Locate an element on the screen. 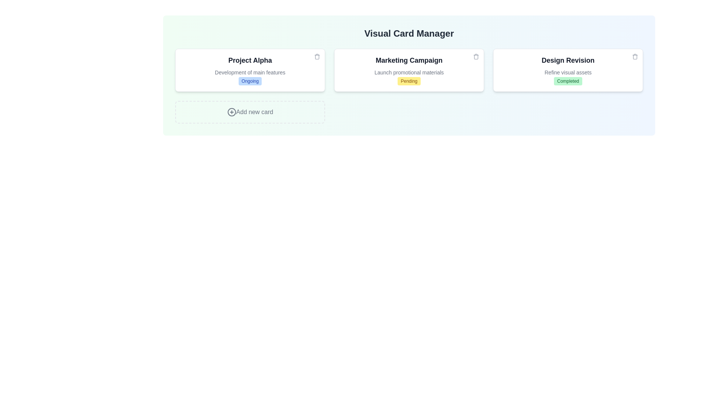  delete button on the card titled Marketing Campaign to remove it is located at coordinates (476, 56).